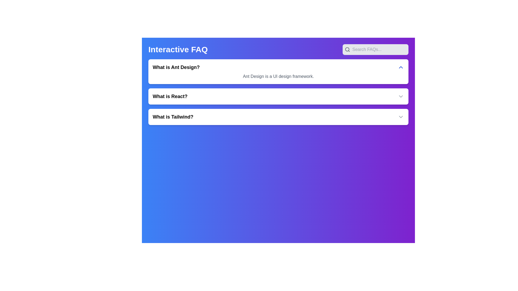 This screenshot has width=518, height=291. I want to click on the magnifying glass icon indicating search functionality, located in the top-right corner of the interface, to the left of the input field with placeholder text 'Search FAQs...', so click(347, 50).